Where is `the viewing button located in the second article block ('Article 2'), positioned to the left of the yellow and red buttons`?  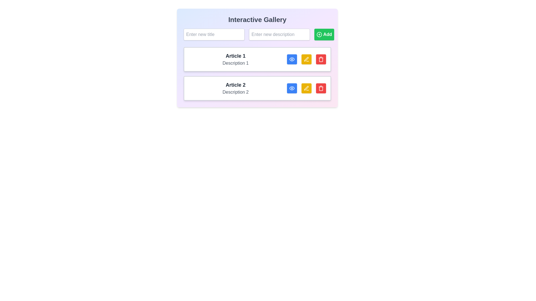
the viewing button located in the second article block ('Article 2'), positioned to the left of the yellow and red buttons is located at coordinates (292, 88).